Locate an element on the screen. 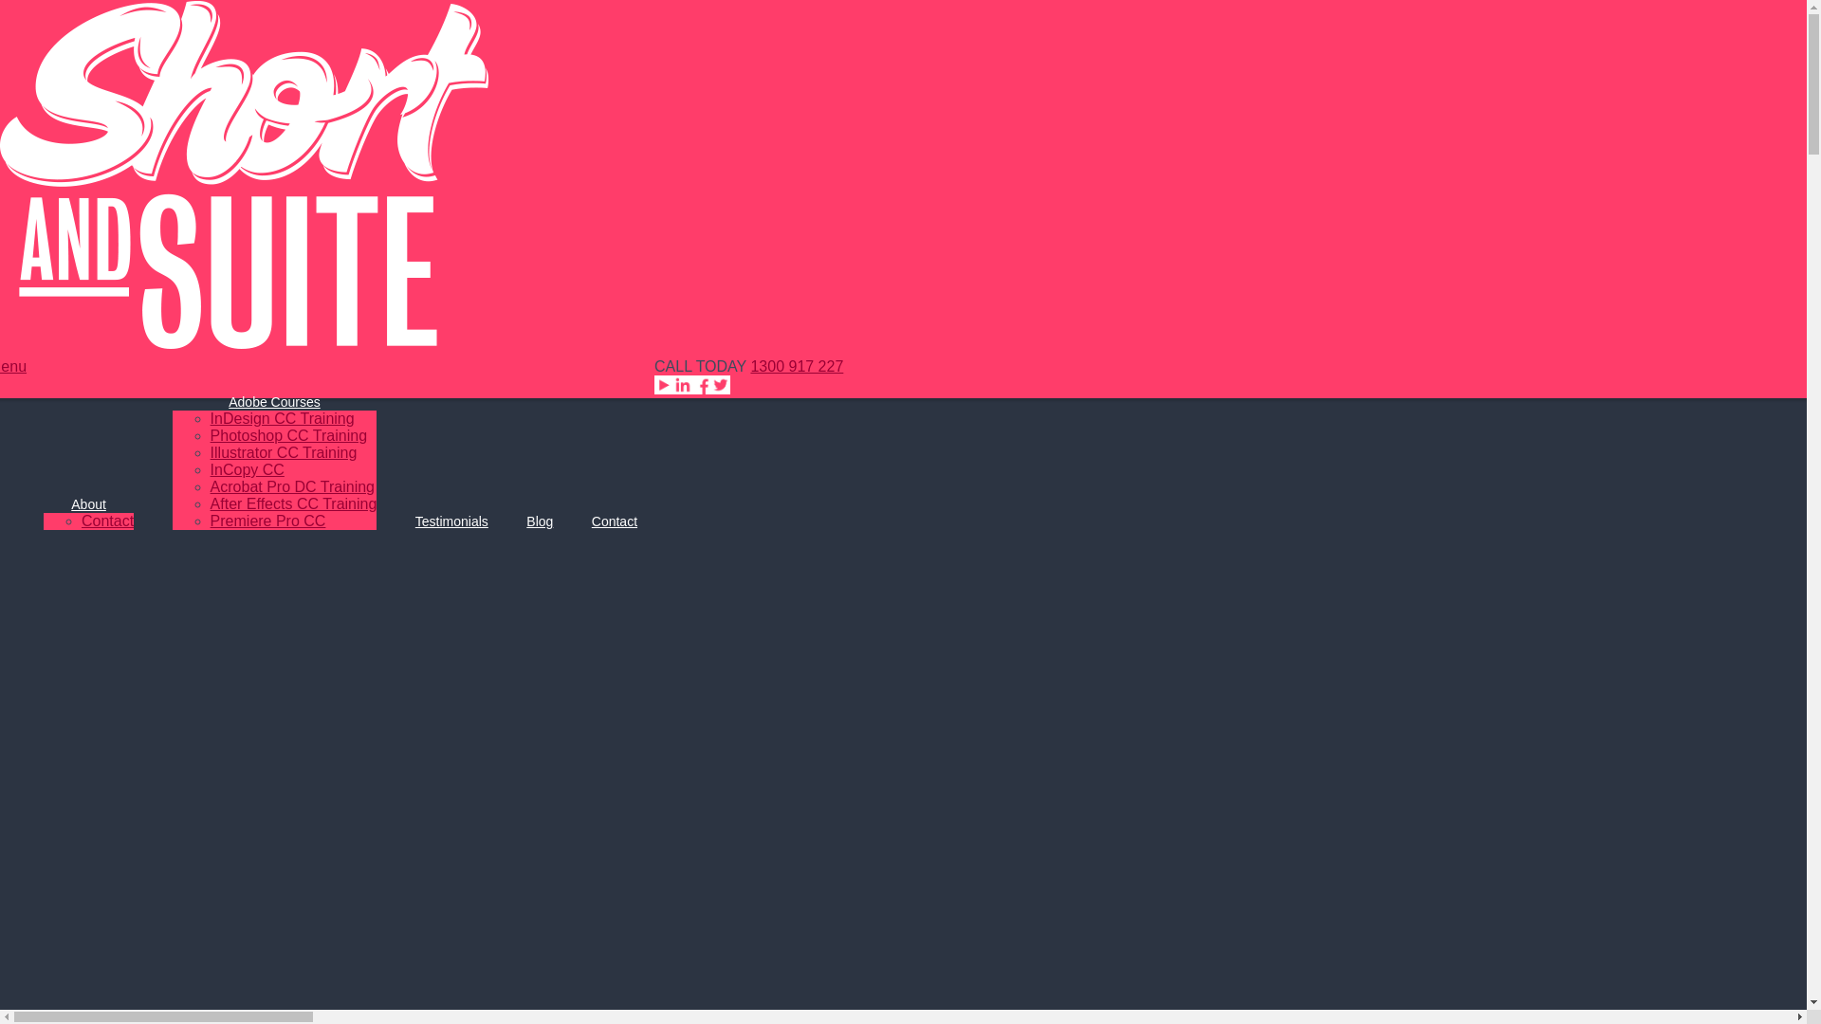  'Illustrator CC Training' is located at coordinates (283, 452).